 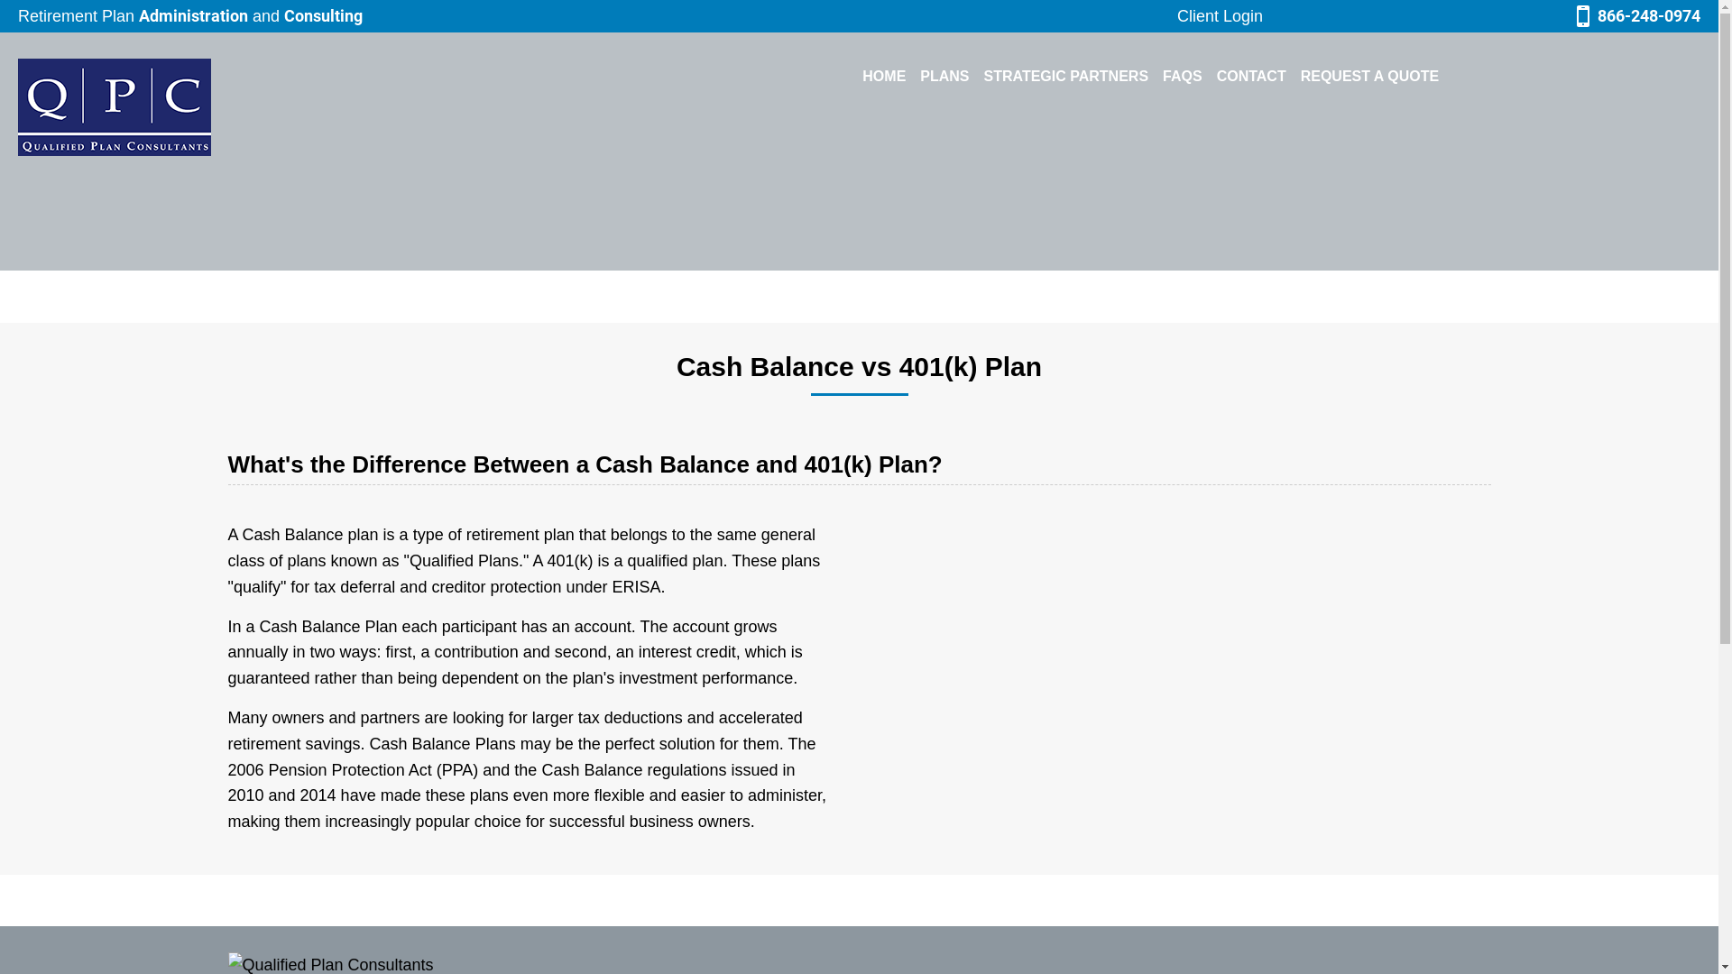 I want to click on 'CONTACT', so click(x=1209, y=75).